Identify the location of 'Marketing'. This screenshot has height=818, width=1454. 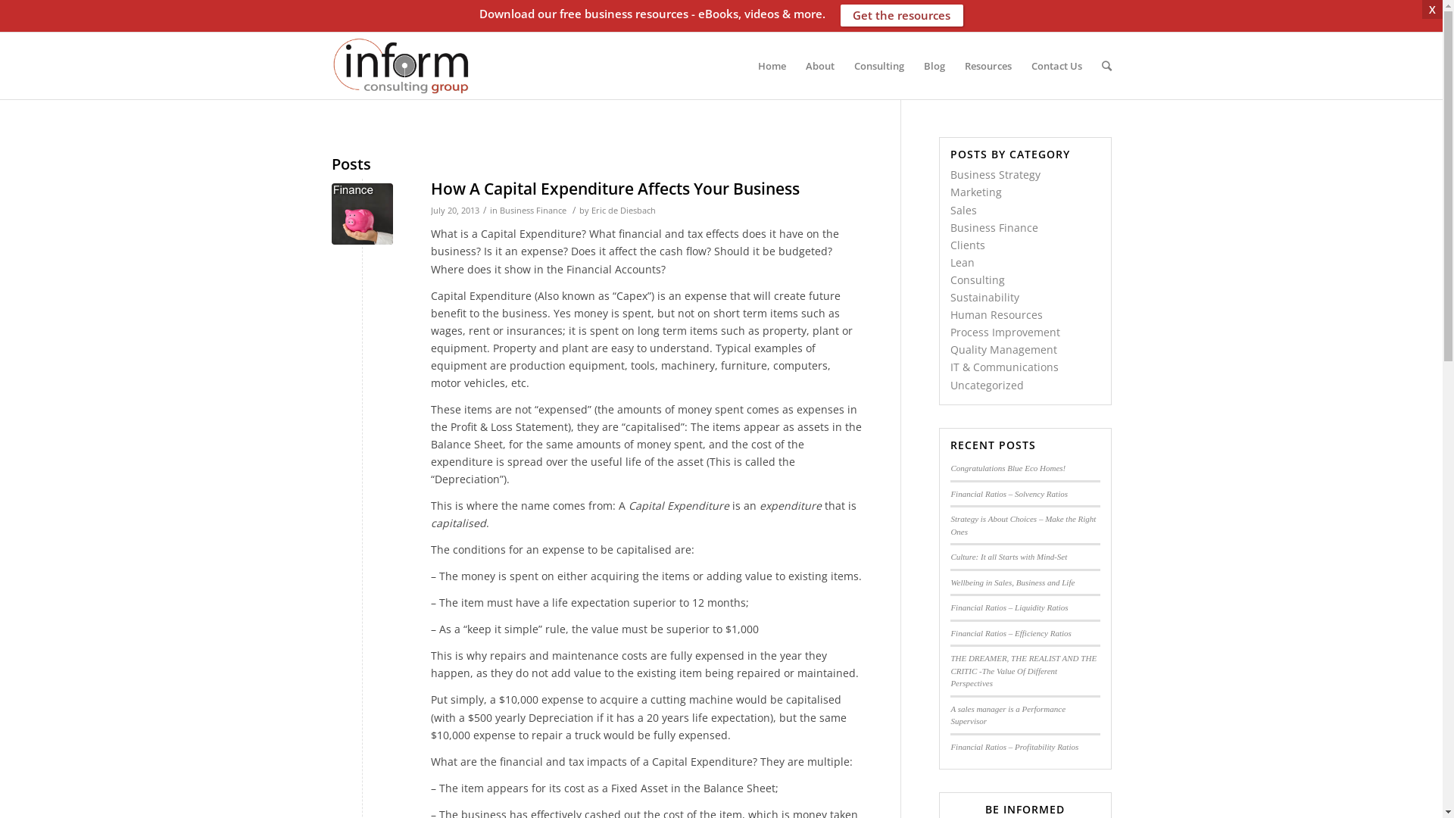
(976, 191).